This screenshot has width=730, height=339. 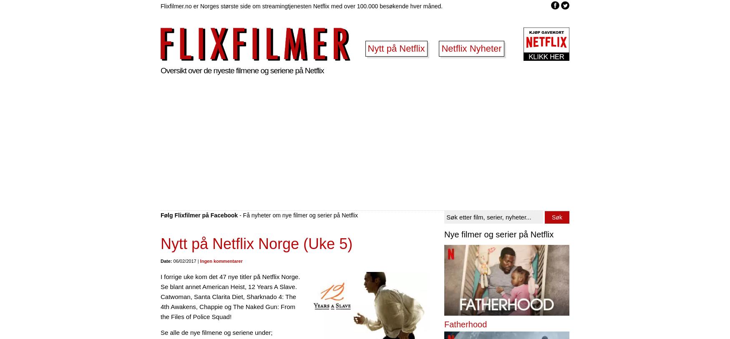 I want to click on 'I forrige uke kom det 47 nye titler på Netflix Norge. Se blant annet American Heist, 12 Years A Slave. Catwoman, Santa Clarita Diet, Sharknado 4: The 4th Awakens, Chappie og The Naked Gun: From the Files of Police Squad!', so click(x=229, y=297).